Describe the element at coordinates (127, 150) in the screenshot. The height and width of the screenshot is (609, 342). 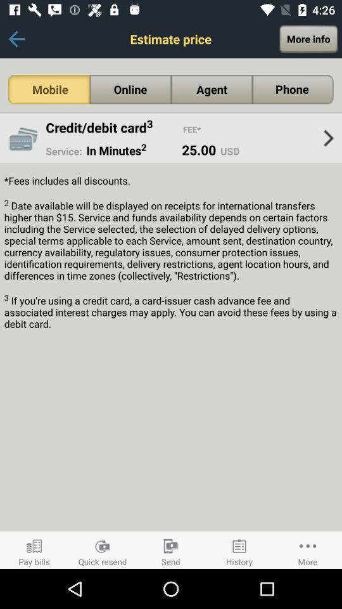
I see `icon above fees includes all app` at that location.